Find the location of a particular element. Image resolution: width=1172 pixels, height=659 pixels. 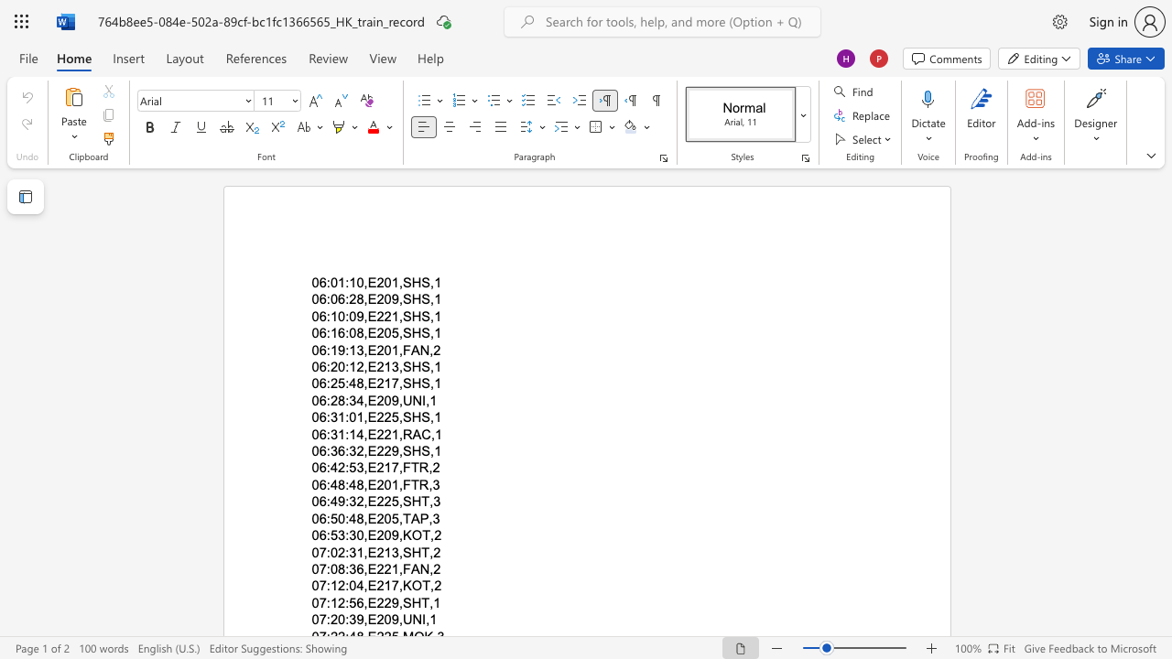

the subset text ":50:48,E205,T" within the text "06:50:48,E205,TAP,3" is located at coordinates (326, 518).